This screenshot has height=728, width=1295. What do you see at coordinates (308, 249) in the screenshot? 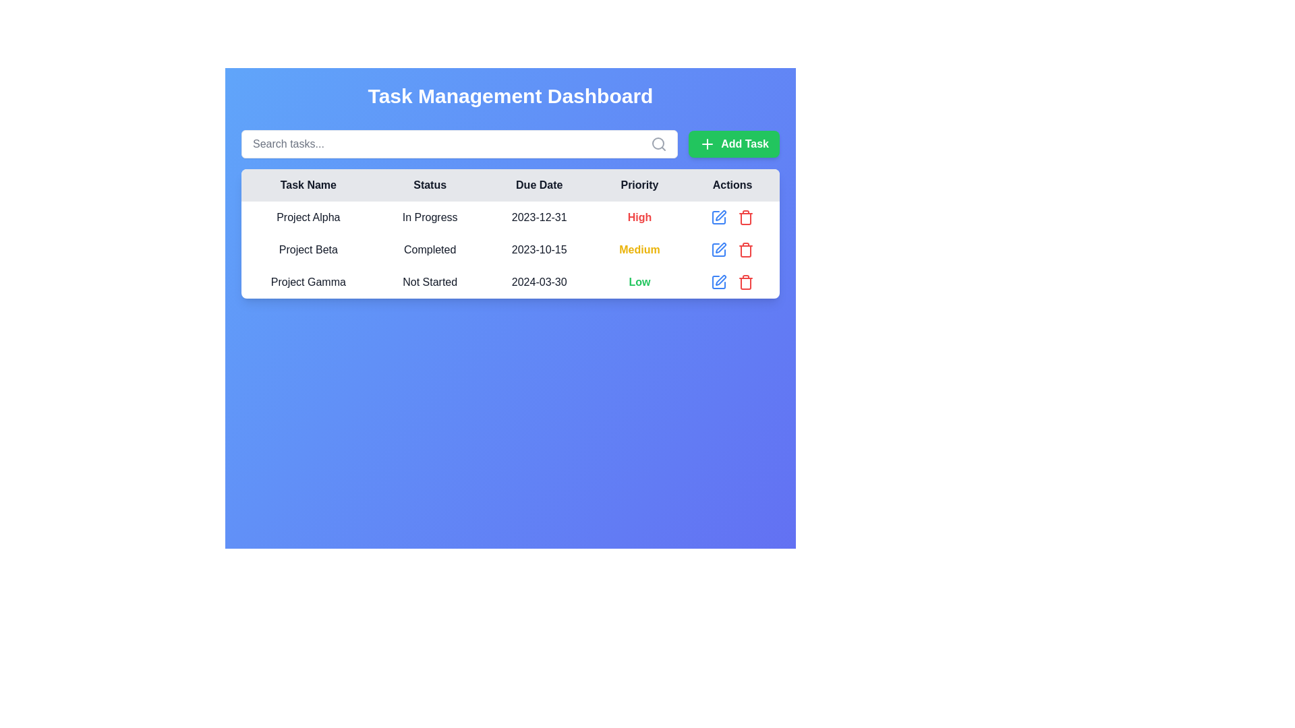
I see `the 'Task Name' text label for 'Project Beta', which serves as an identifier in the table` at bounding box center [308, 249].